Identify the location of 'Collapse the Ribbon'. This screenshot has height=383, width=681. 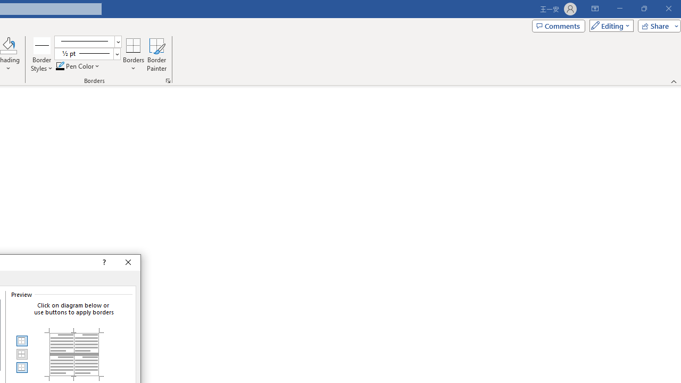
(674, 81).